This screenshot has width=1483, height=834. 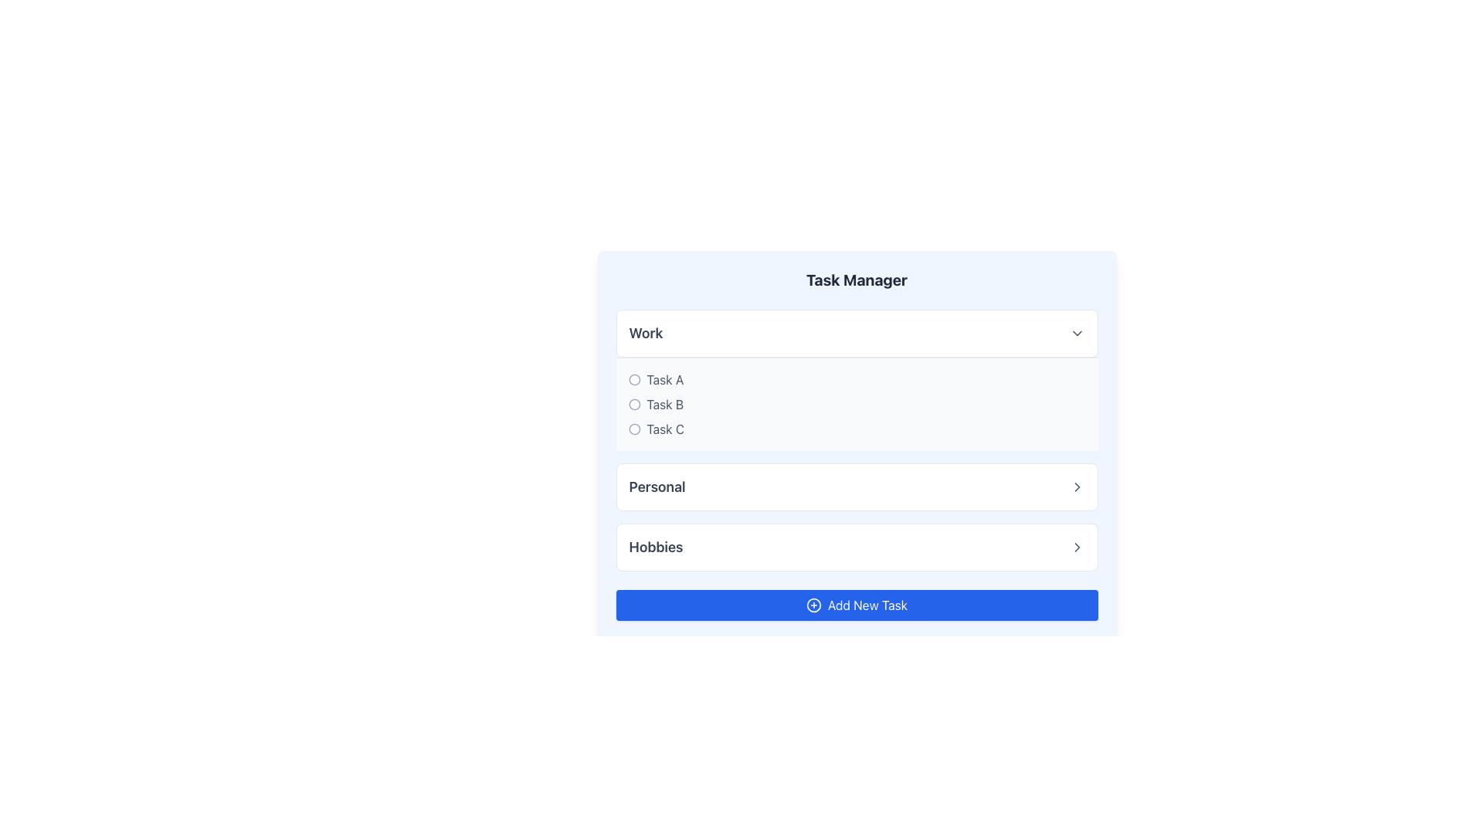 What do you see at coordinates (856, 547) in the screenshot?
I see `the button labeled 'Hobbies'` at bounding box center [856, 547].